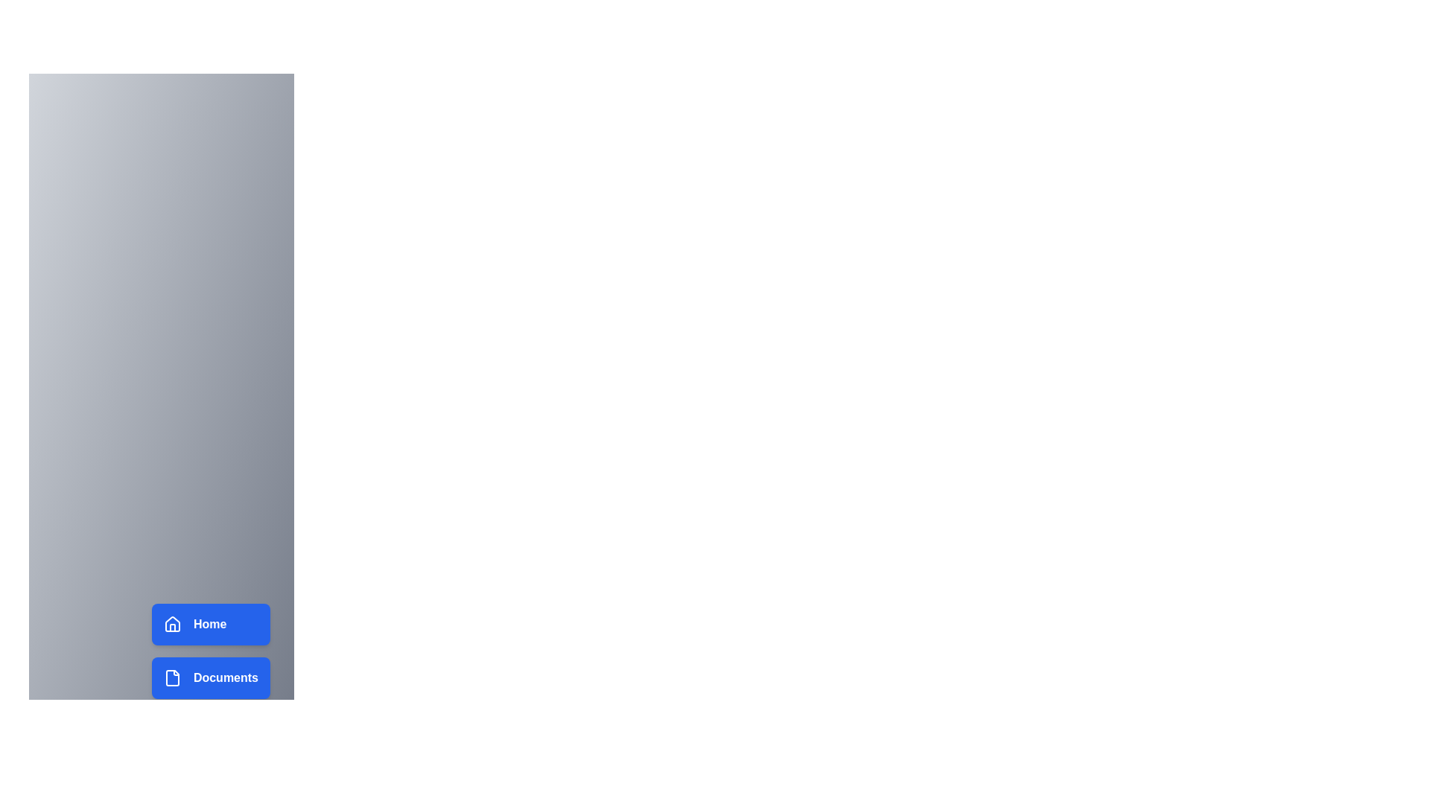 The image size is (1430, 804). What do you see at coordinates (209, 625) in the screenshot?
I see `the 'Home' text label, which is displayed in bold font style to the right of a house icon inside a blue rounded rectangular button, located at the bottom left of the interface` at bounding box center [209, 625].